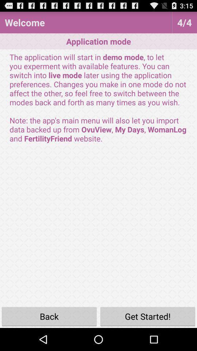 The height and width of the screenshot is (351, 197). What do you see at coordinates (49, 316) in the screenshot?
I see `the icon below the application will` at bounding box center [49, 316].